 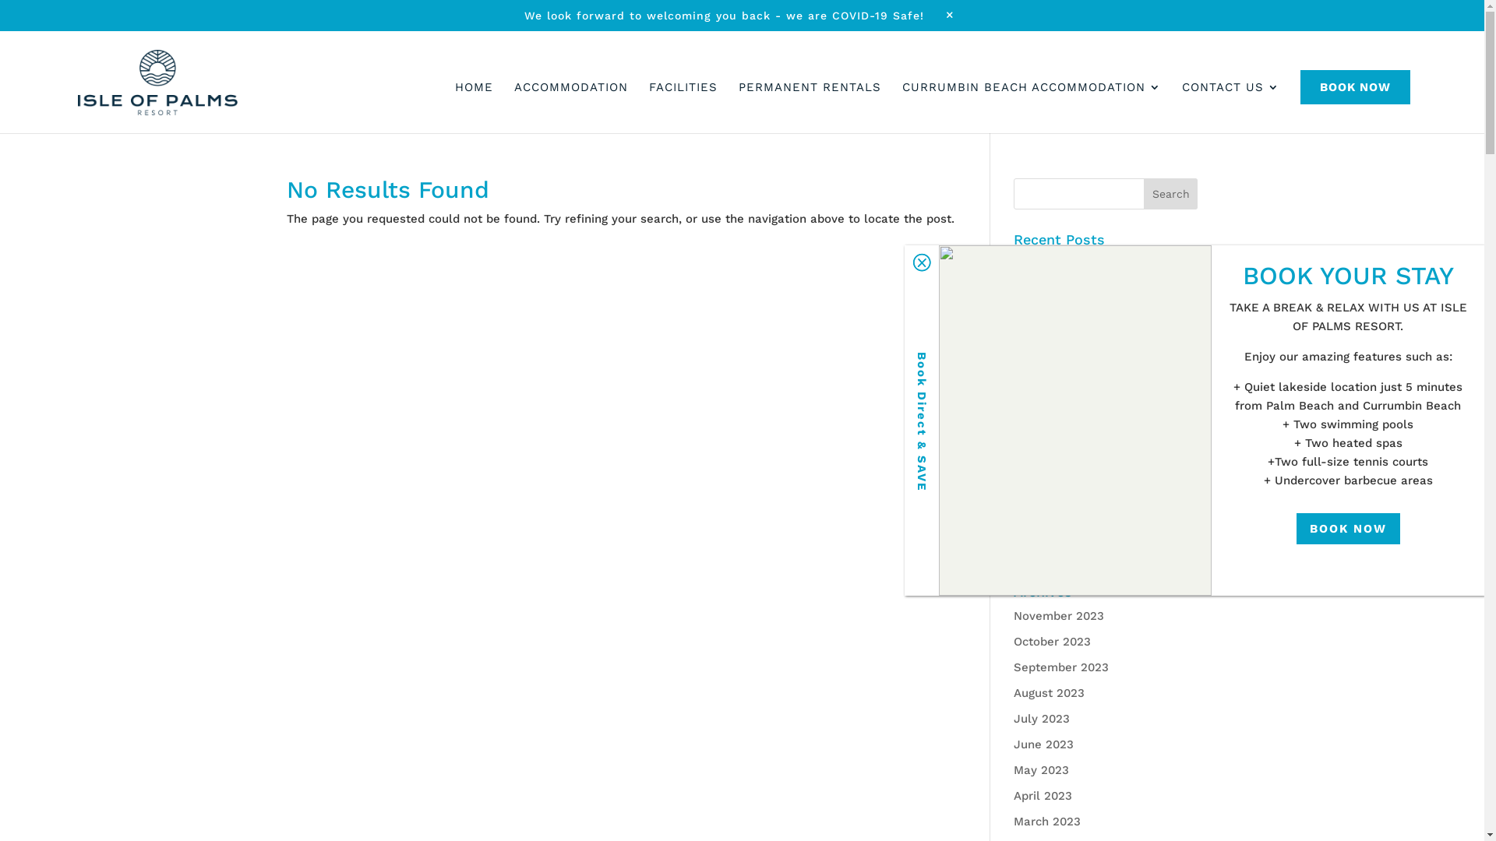 I want to click on 'May 2023', so click(x=1041, y=769).